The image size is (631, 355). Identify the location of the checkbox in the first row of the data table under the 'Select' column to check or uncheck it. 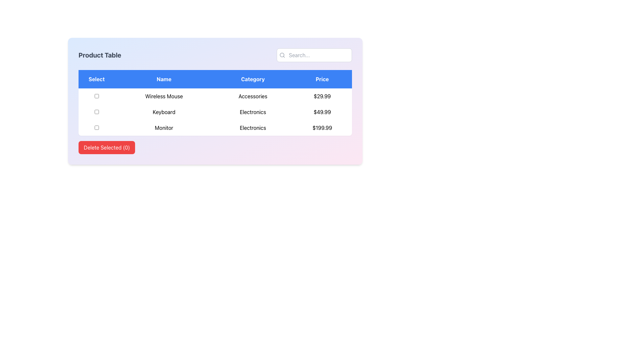
(96, 96).